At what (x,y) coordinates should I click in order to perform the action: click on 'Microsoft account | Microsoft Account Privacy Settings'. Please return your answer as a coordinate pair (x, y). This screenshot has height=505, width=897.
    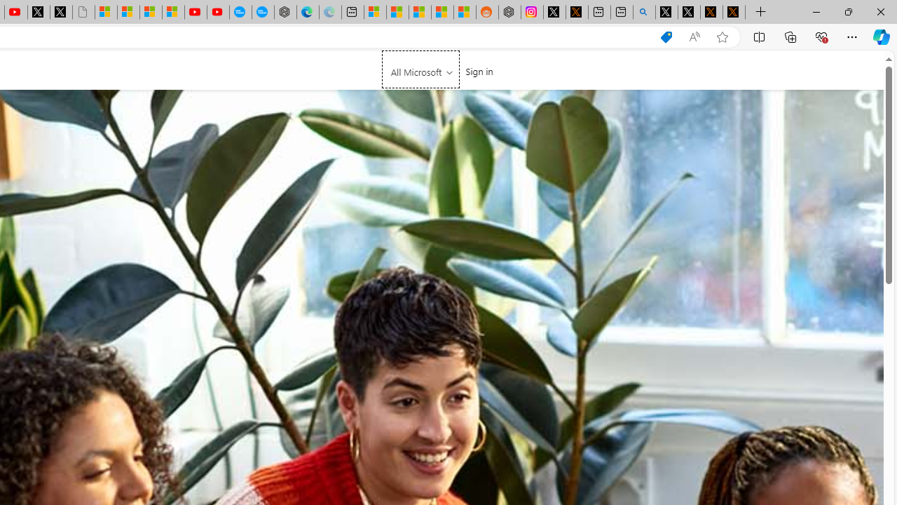
    Looking at the image, I should click on (375, 12).